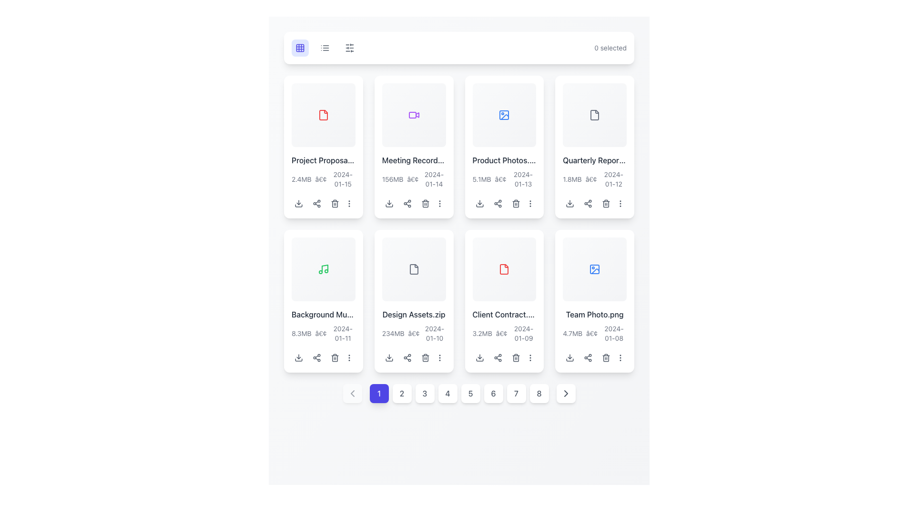 This screenshot has width=915, height=514. I want to click on the pagination control button located to the immediate left of the blue-highlighted active page number button, so click(352, 393).